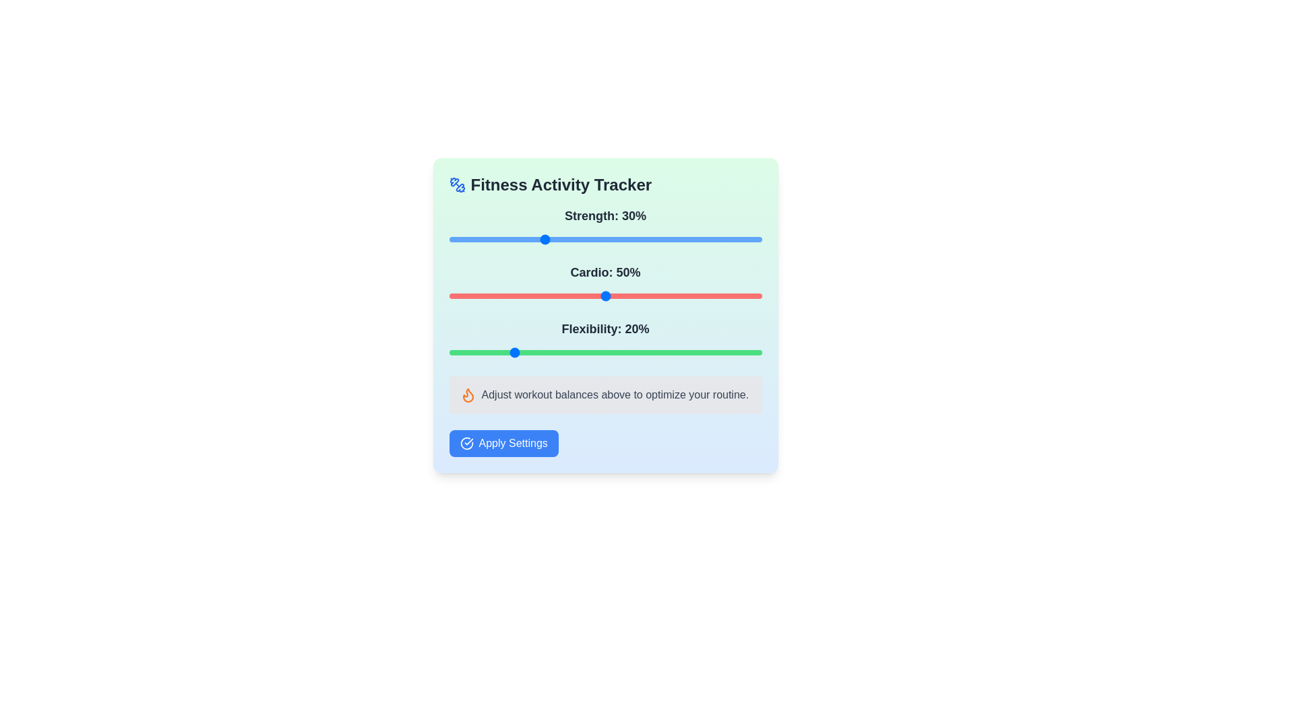 This screenshot has width=1294, height=727. What do you see at coordinates (677, 238) in the screenshot?
I see `the strength value` at bounding box center [677, 238].